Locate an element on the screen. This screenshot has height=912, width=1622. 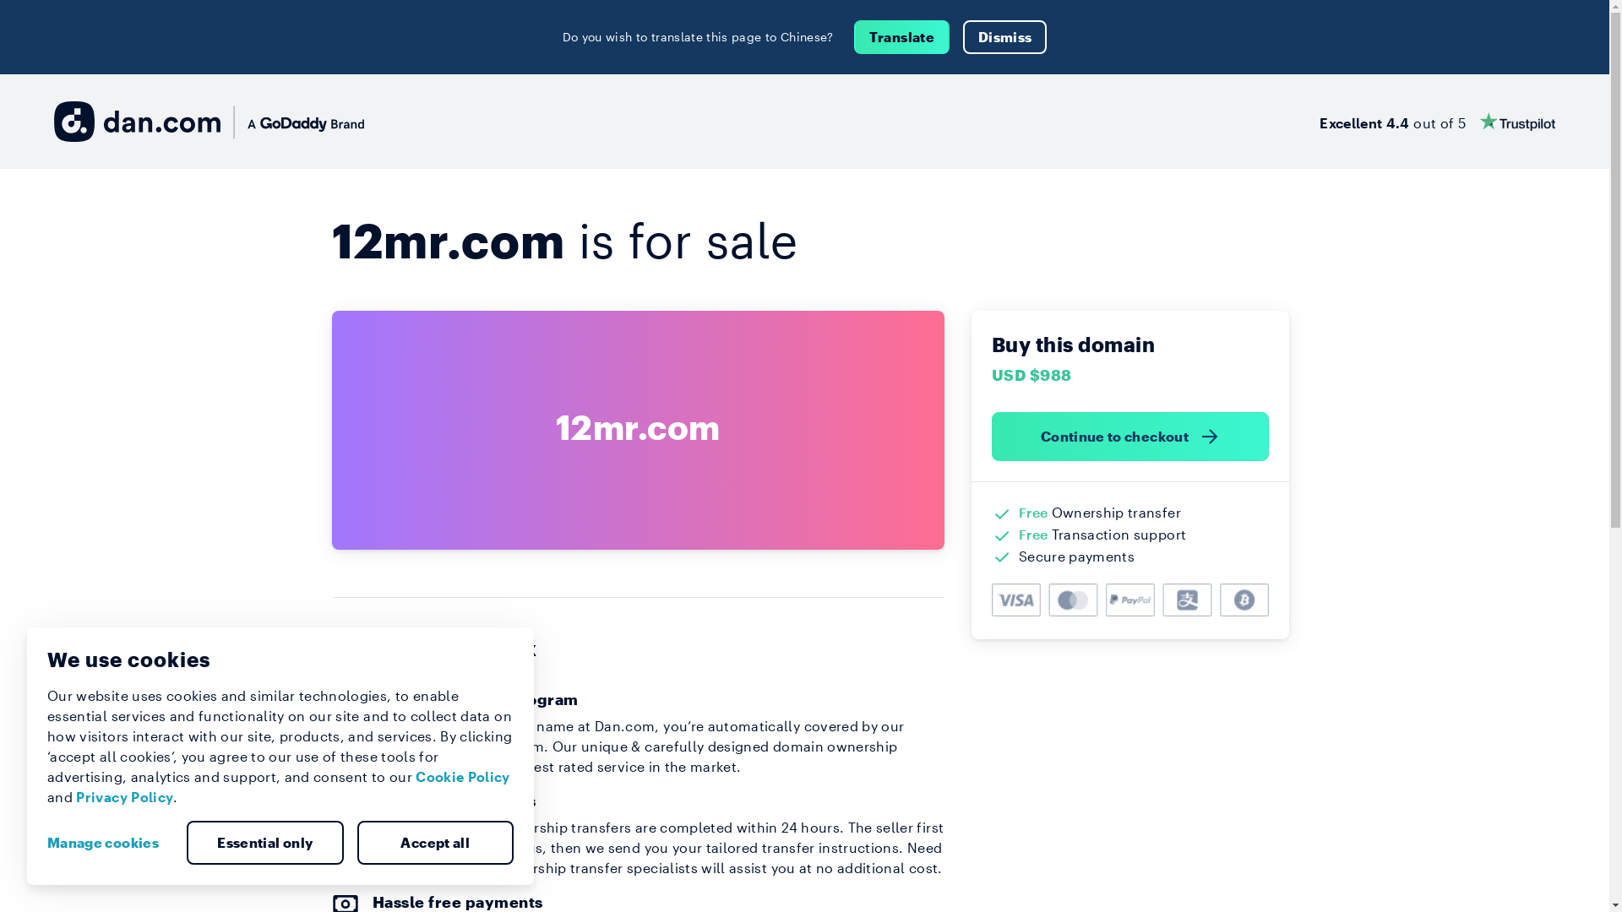
'Translate' is located at coordinates (901, 36).